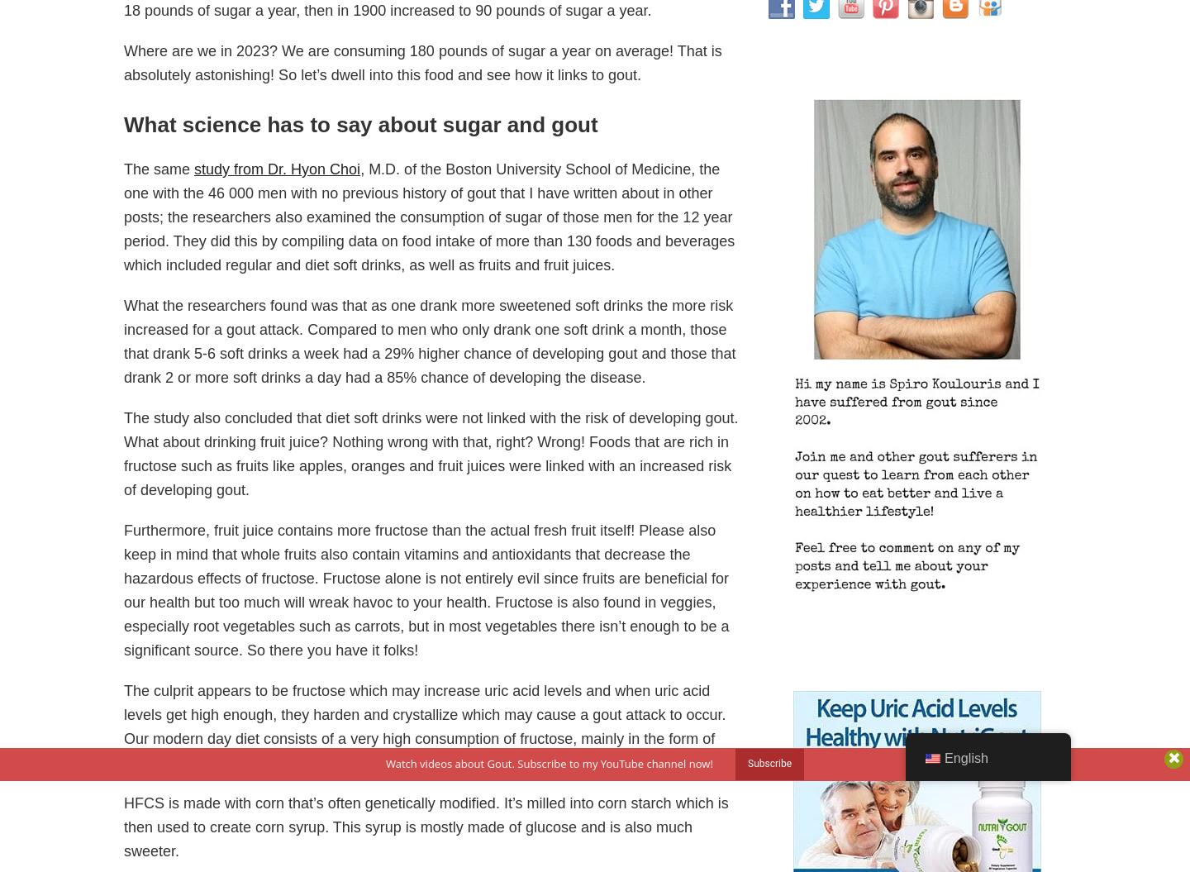 This screenshot has width=1190, height=872. I want to click on 'study from Dr. Hyon Choi', so click(277, 168).